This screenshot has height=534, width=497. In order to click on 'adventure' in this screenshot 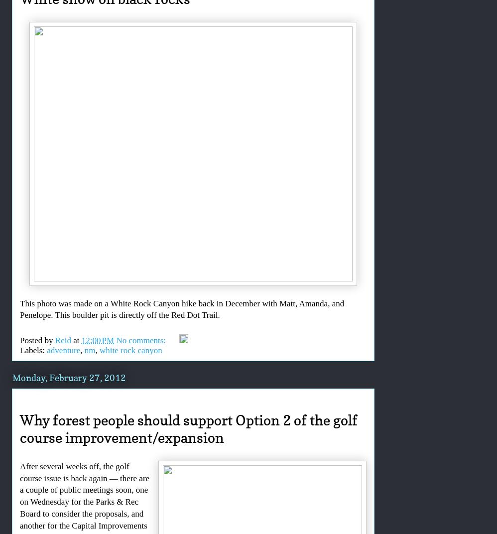, I will do `click(63, 349)`.